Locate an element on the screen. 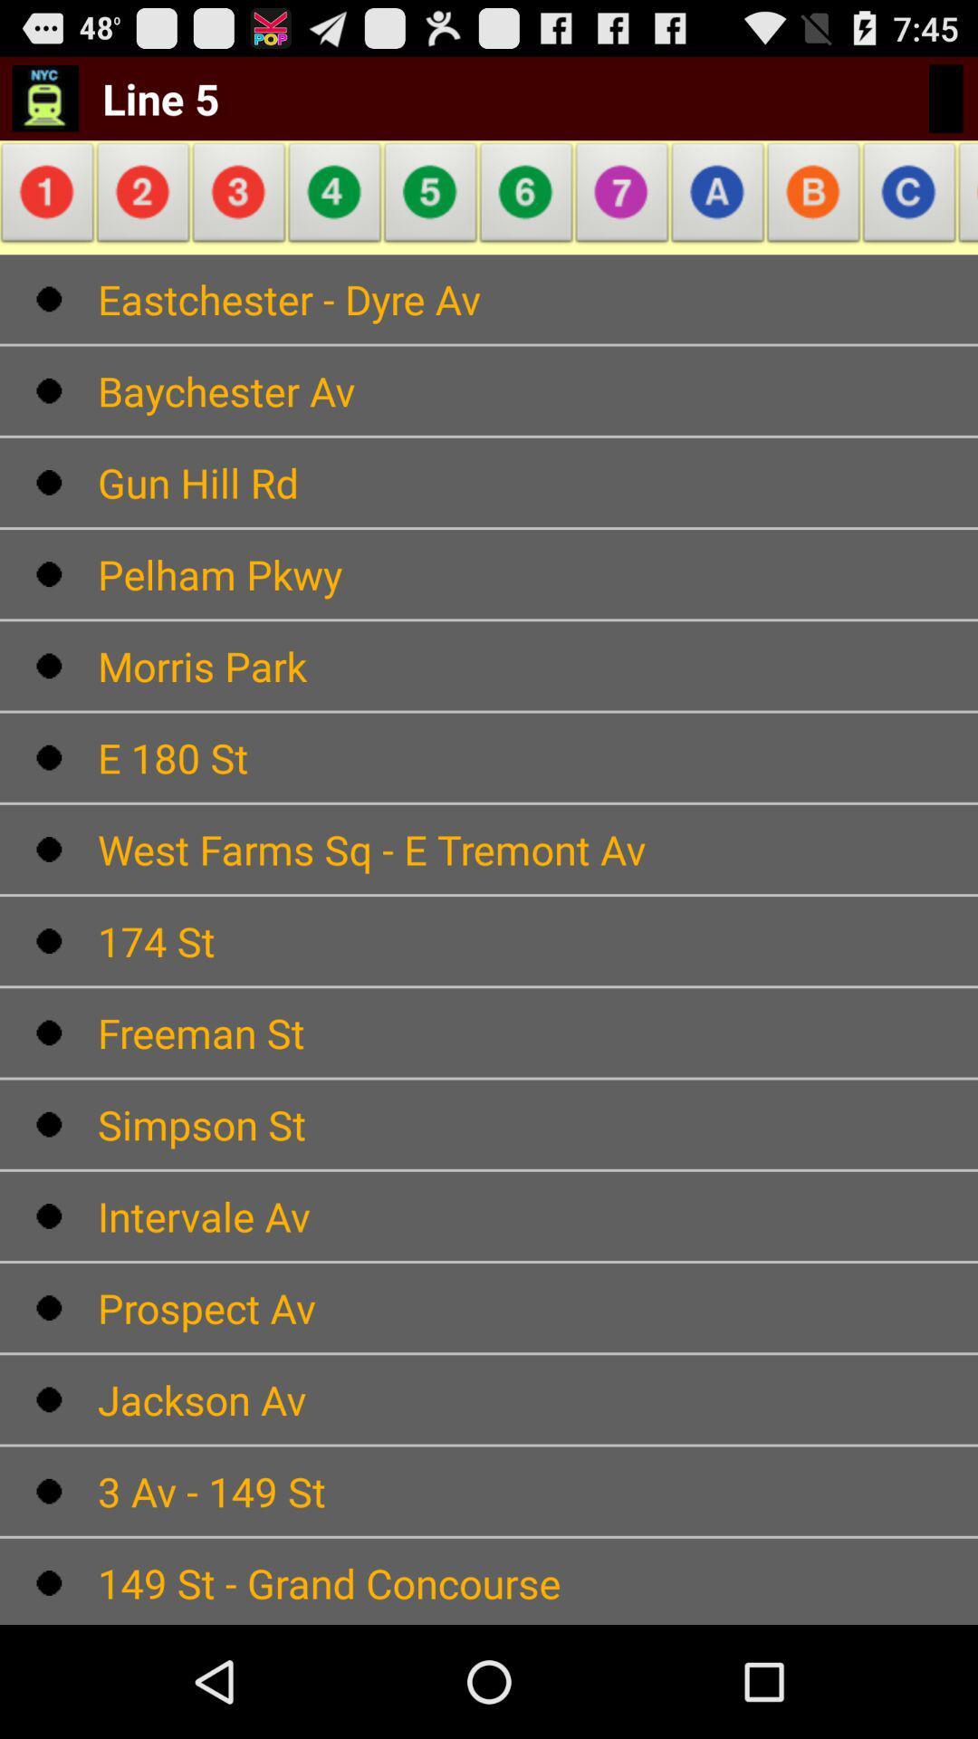  the icon above the eastchester - dyre av item is located at coordinates (909, 197).